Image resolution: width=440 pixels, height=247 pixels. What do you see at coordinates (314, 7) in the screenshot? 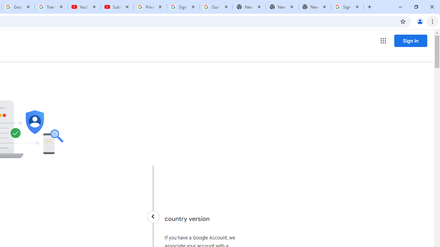
I see `'New Tab'` at bounding box center [314, 7].